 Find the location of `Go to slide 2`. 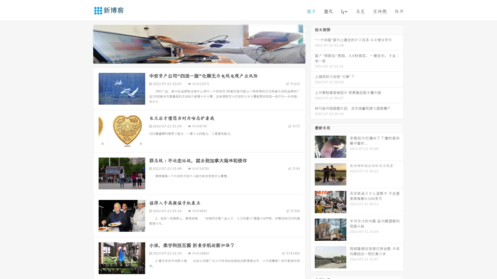

Go to slide 2 is located at coordinates (199, 58).